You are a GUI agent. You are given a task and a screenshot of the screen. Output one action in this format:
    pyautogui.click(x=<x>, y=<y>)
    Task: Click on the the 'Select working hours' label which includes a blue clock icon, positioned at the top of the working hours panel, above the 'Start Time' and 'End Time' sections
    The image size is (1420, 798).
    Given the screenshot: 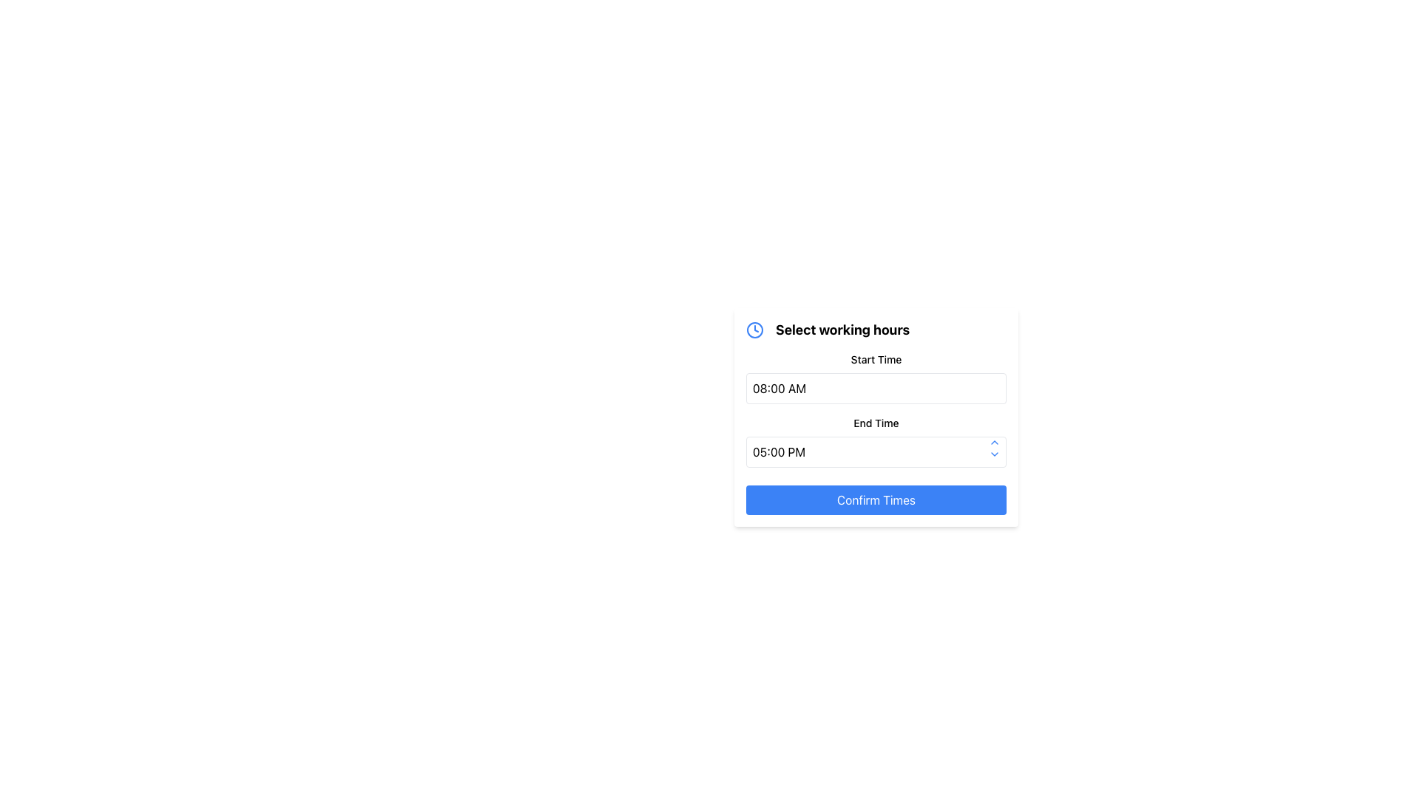 What is the action you would take?
    pyautogui.click(x=876, y=330)
    